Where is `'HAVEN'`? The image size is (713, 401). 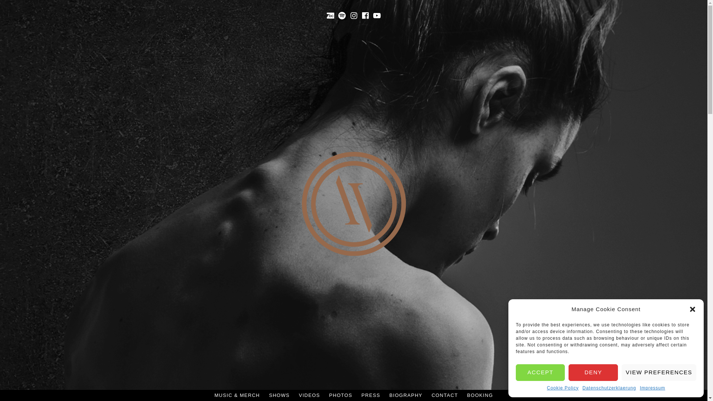
'HAVEN' is located at coordinates (367, 278).